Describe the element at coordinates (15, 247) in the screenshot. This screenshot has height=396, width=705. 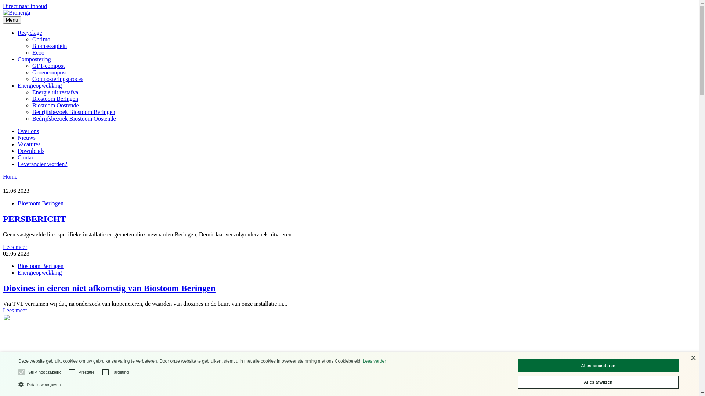
I see `'Lees meer'` at that location.